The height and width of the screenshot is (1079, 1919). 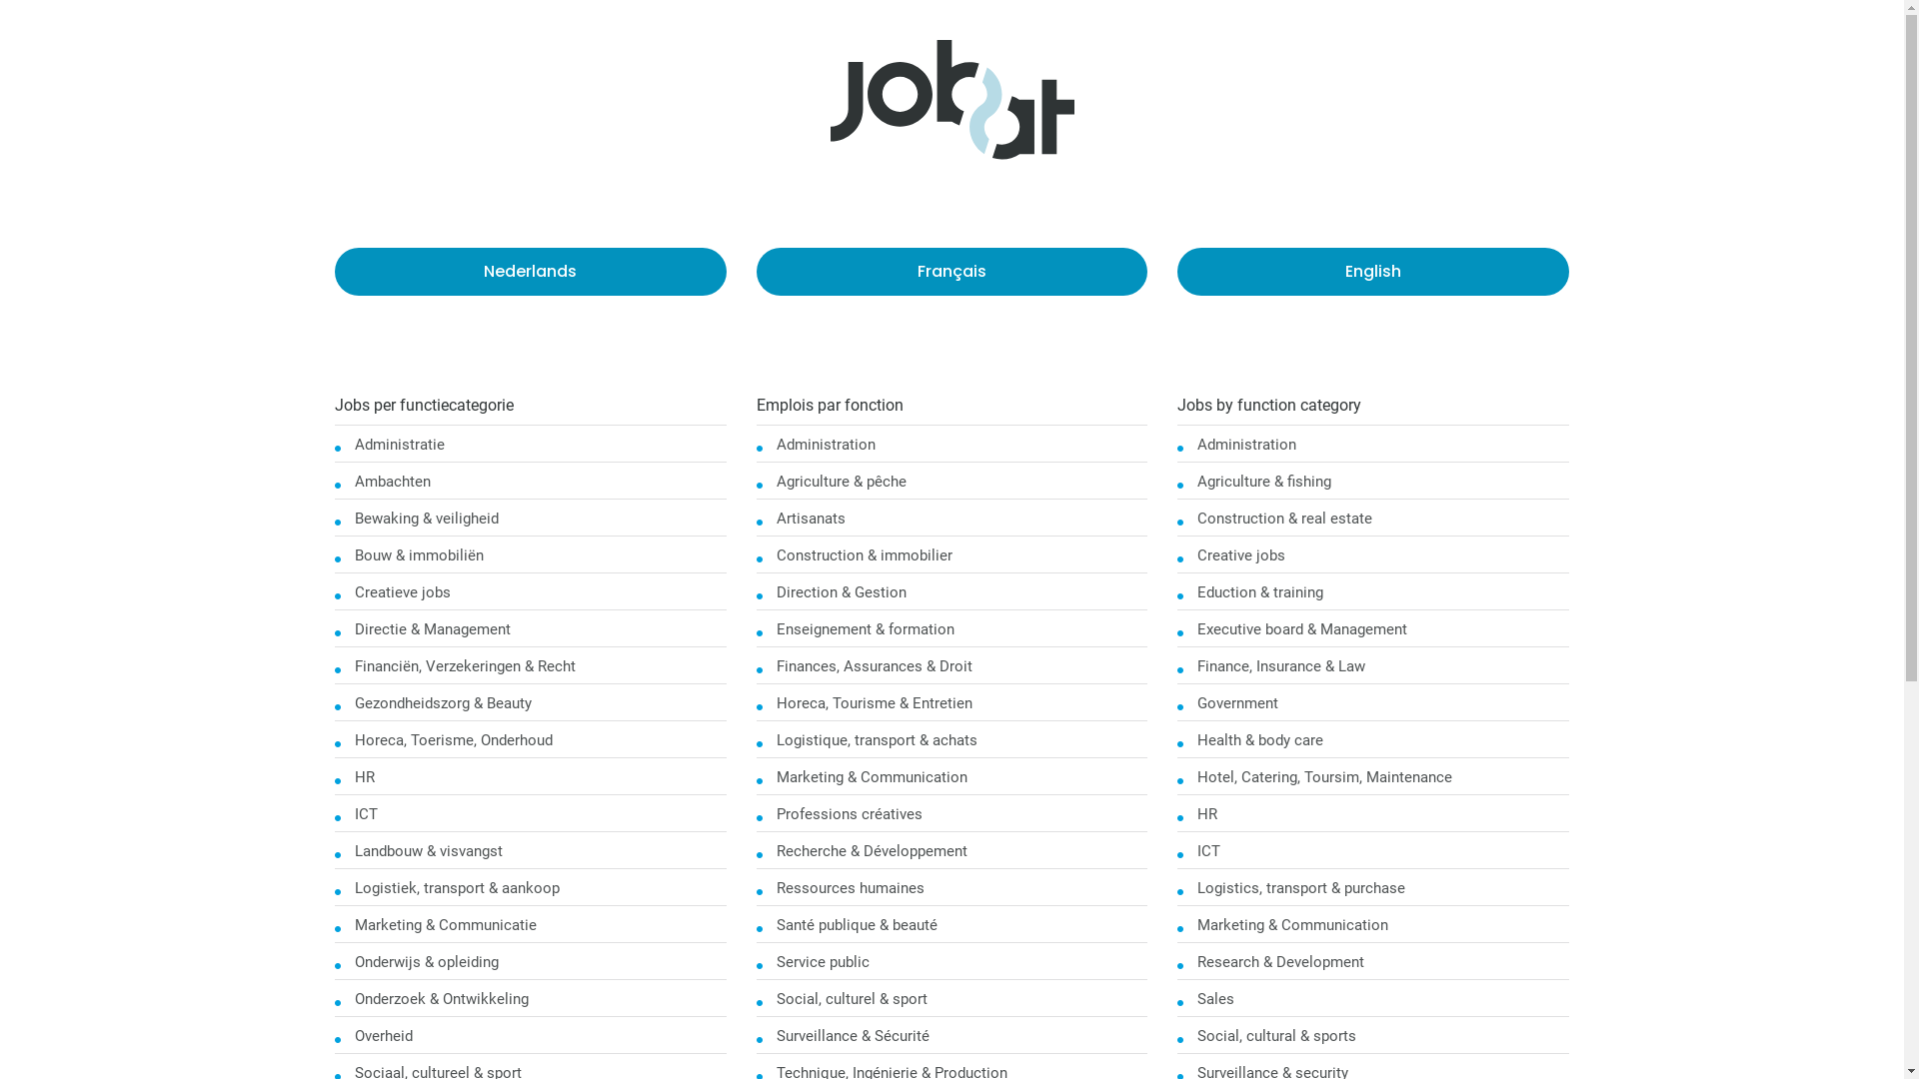 What do you see at coordinates (1240, 554) in the screenshot?
I see `'Creative jobs'` at bounding box center [1240, 554].